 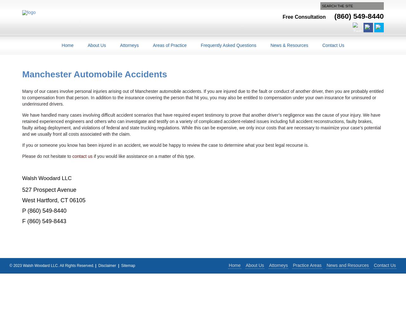 What do you see at coordinates (165, 145) in the screenshot?
I see `'If you or someone you know has been injured in an accident, we would be happy to review the case to determine what your best legal recourse is.'` at bounding box center [165, 145].